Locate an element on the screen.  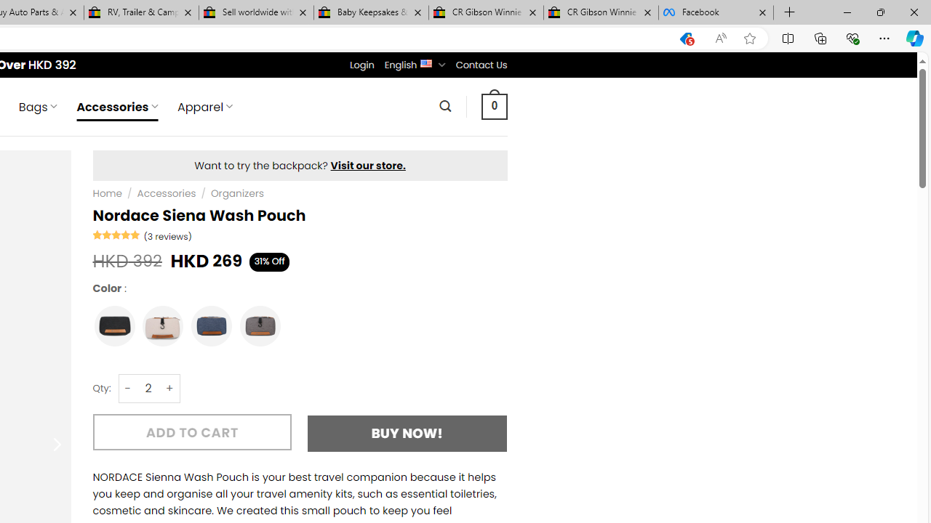
'Split screen' is located at coordinates (787, 37).